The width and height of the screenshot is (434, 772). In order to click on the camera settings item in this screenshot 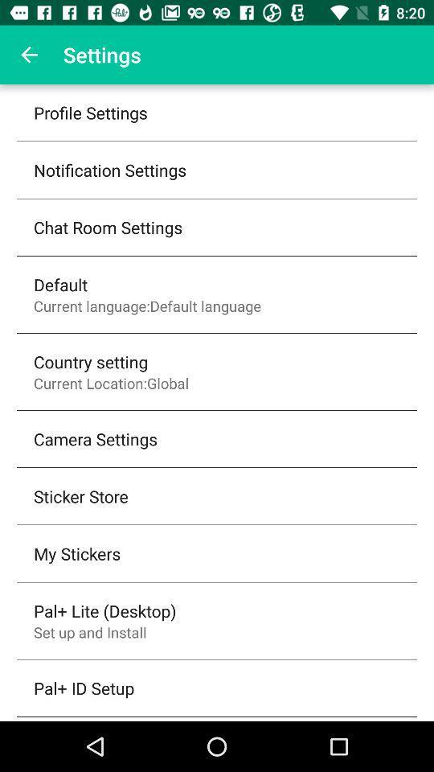, I will do `click(96, 438)`.